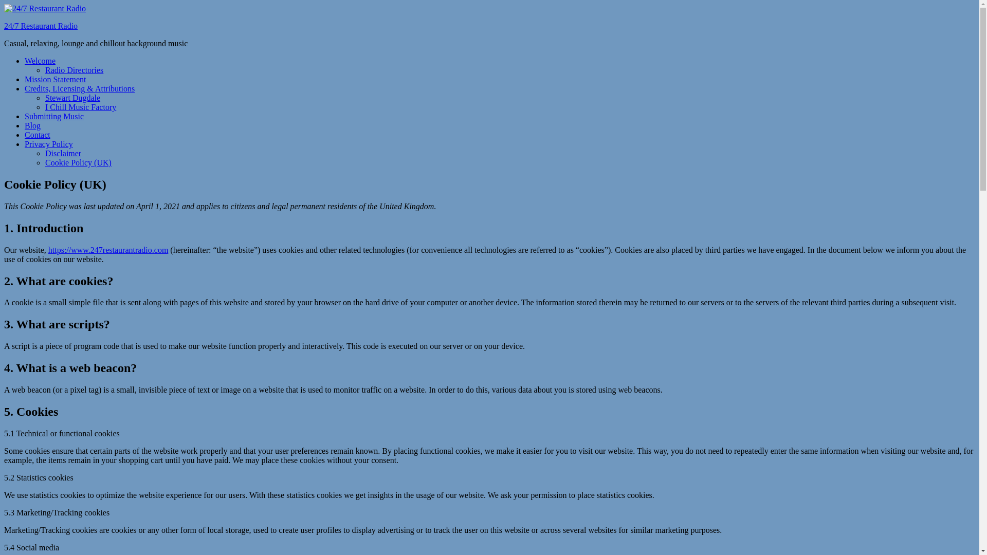  What do you see at coordinates (108, 250) in the screenshot?
I see `'https://www.247restaurantradio.com'` at bounding box center [108, 250].